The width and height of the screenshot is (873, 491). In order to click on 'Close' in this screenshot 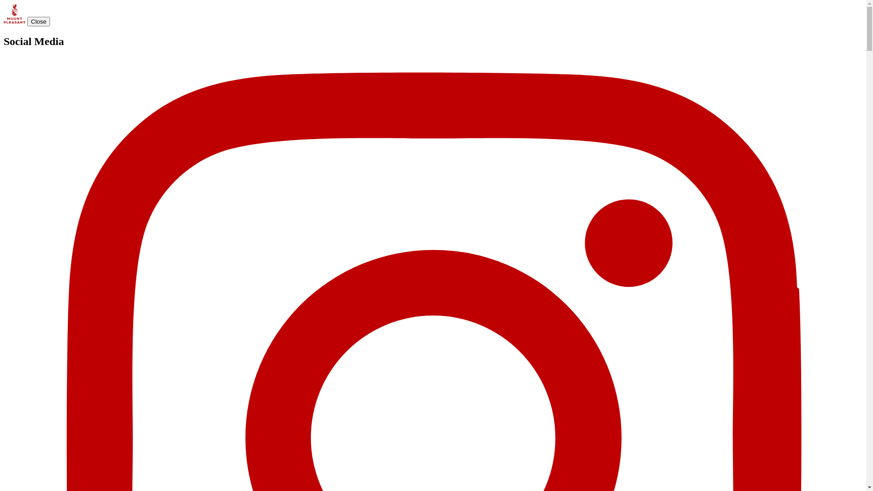, I will do `click(38, 21)`.